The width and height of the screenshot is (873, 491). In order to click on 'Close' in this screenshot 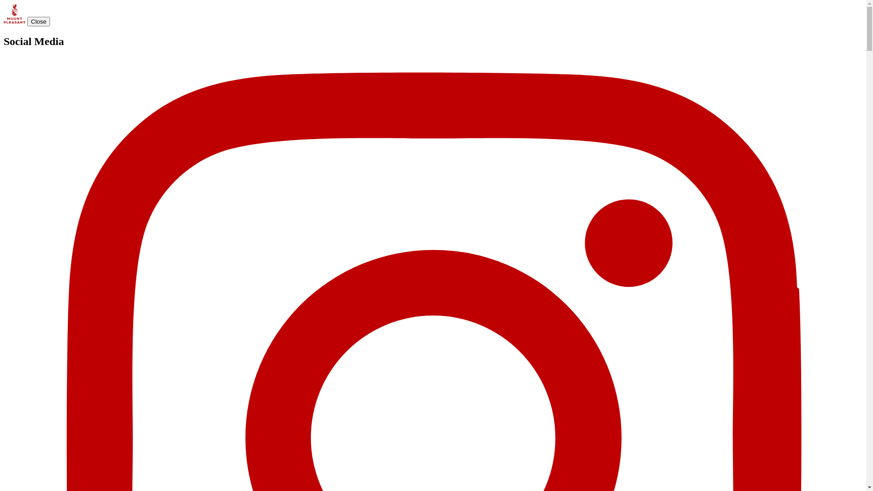, I will do `click(38, 21)`.